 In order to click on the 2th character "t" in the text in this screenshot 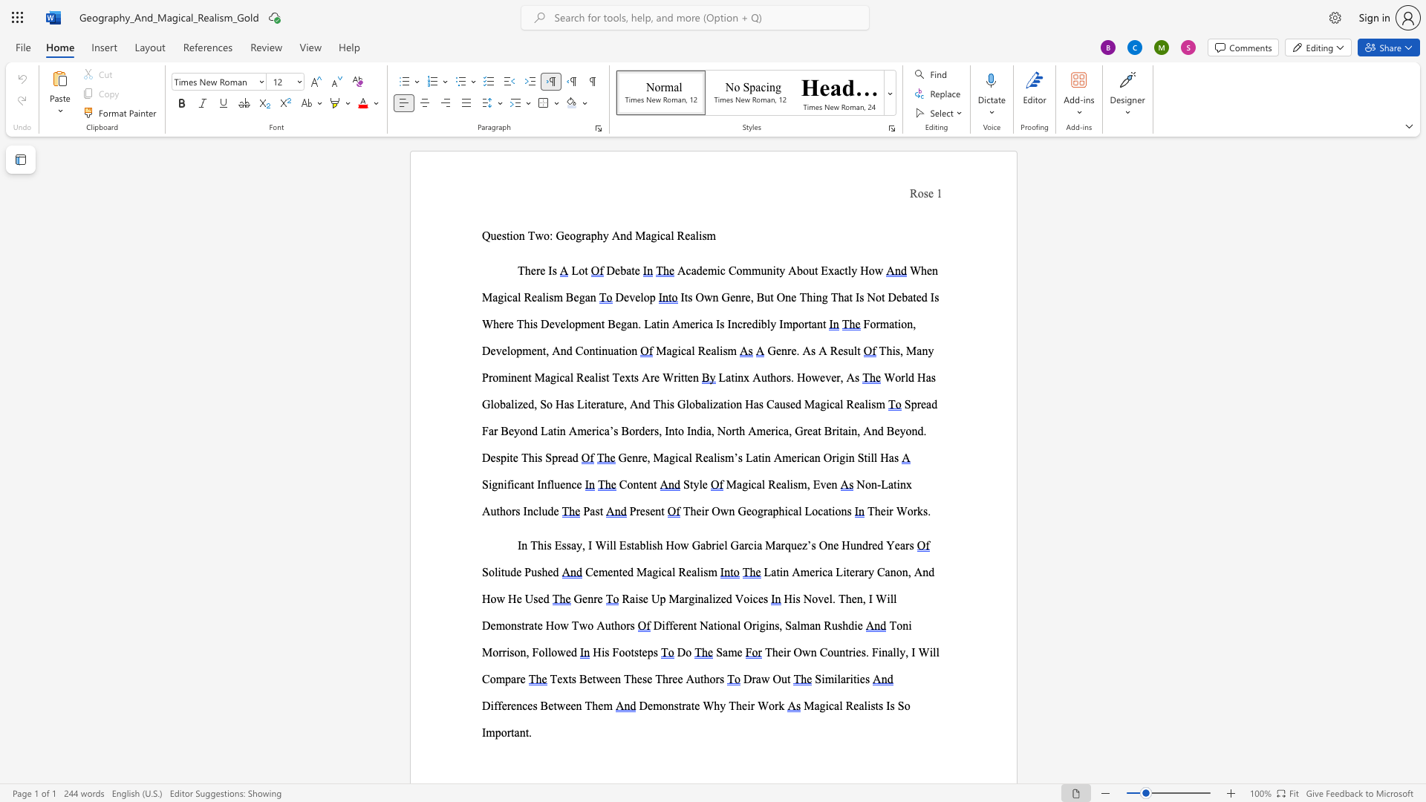, I will do `click(498, 510)`.